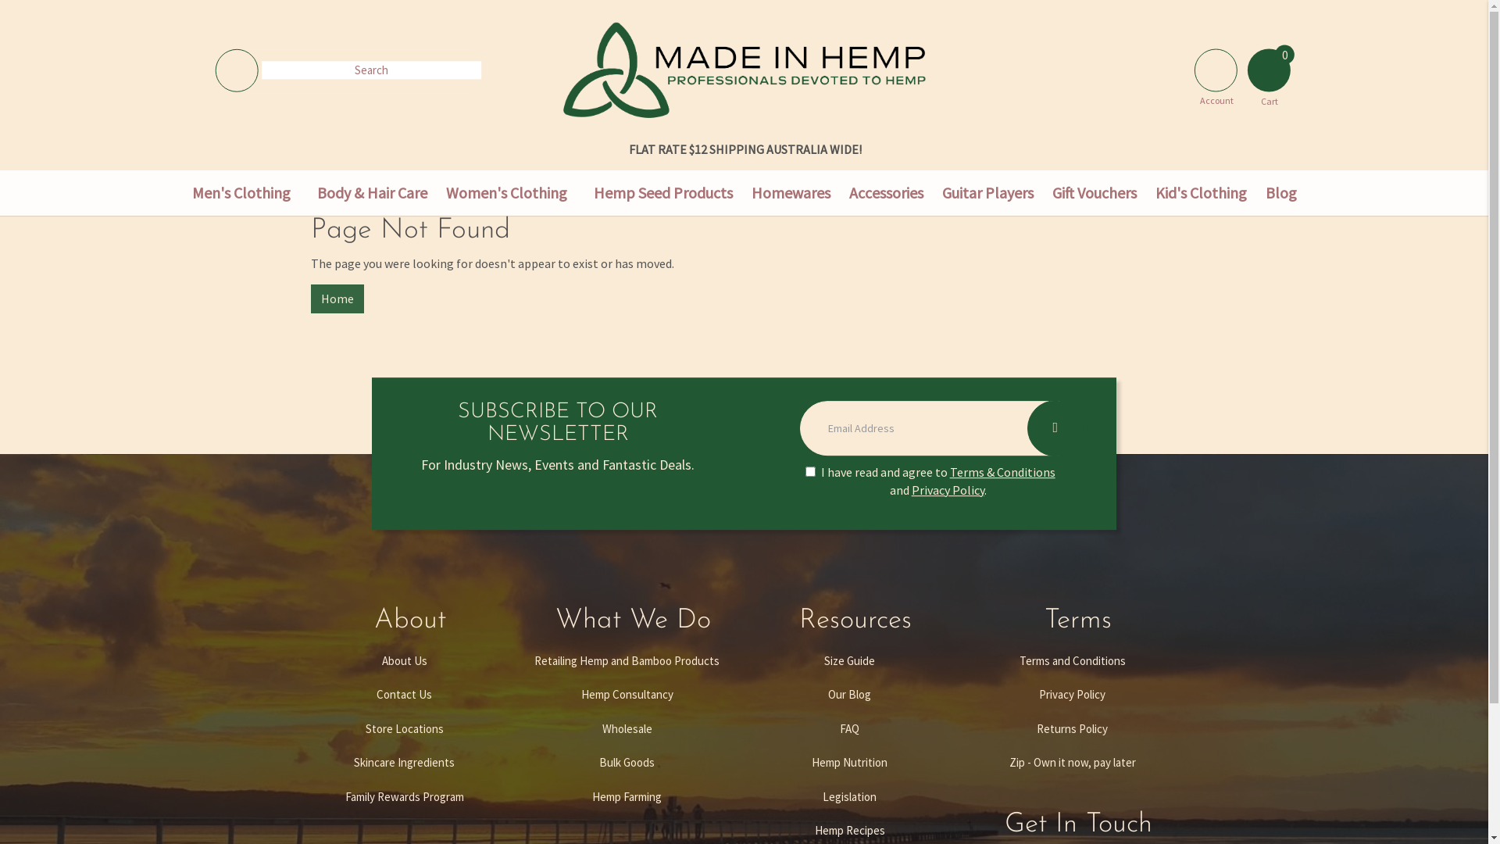  I want to click on 'Guitar Players', so click(987, 192).